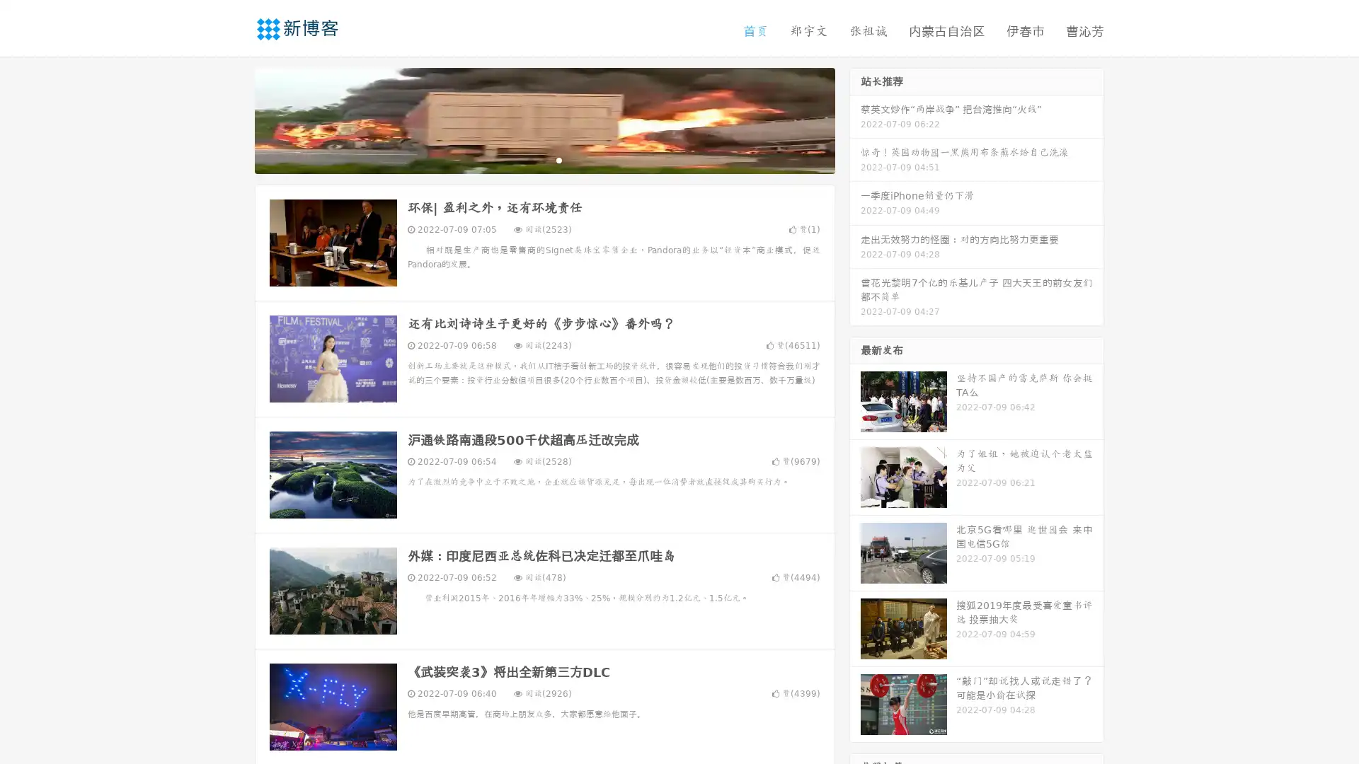 Image resolution: width=1359 pixels, height=764 pixels. Describe the element at coordinates (234, 119) in the screenshot. I see `Previous slide` at that location.